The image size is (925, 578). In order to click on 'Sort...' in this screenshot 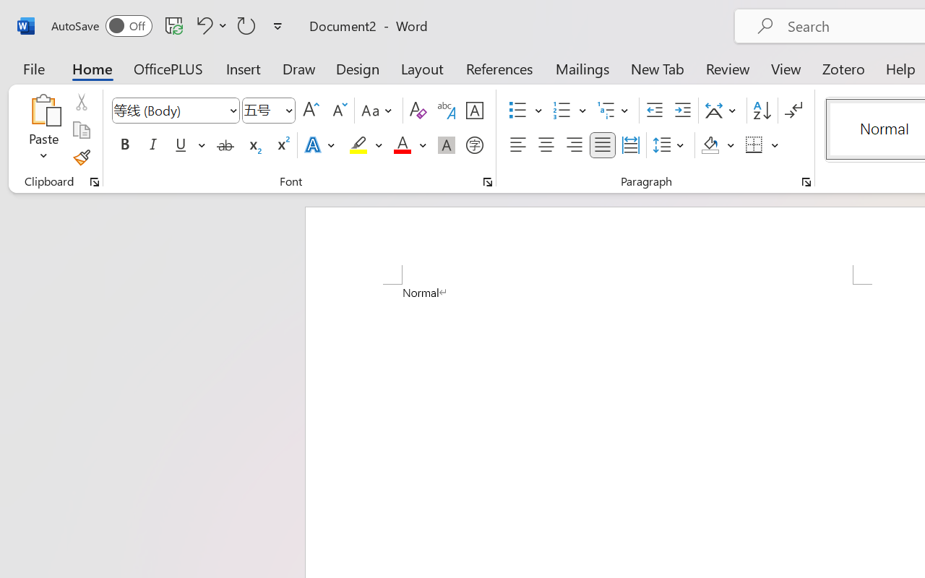, I will do `click(761, 111)`.